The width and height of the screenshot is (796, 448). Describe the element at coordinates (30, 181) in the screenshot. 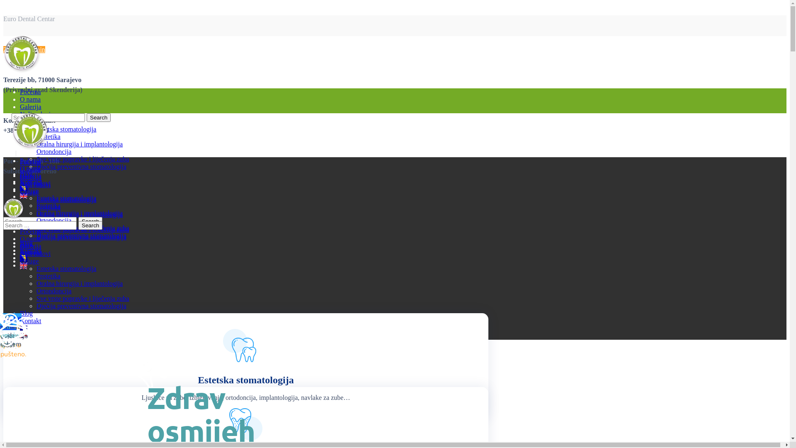

I see `'Kontakt'` at that location.